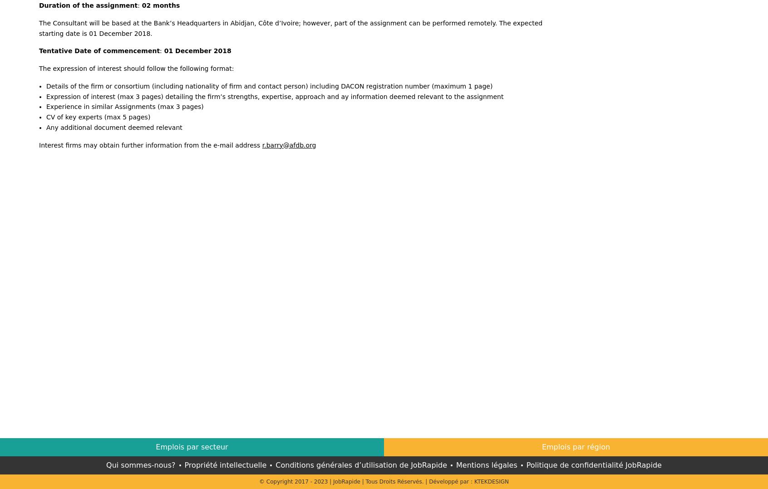 The image size is (768, 489). What do you see at coordinates (140, 464) in the screenshot?
I see `'Qui sommes-nous?'` at bounding box center [140, 464].